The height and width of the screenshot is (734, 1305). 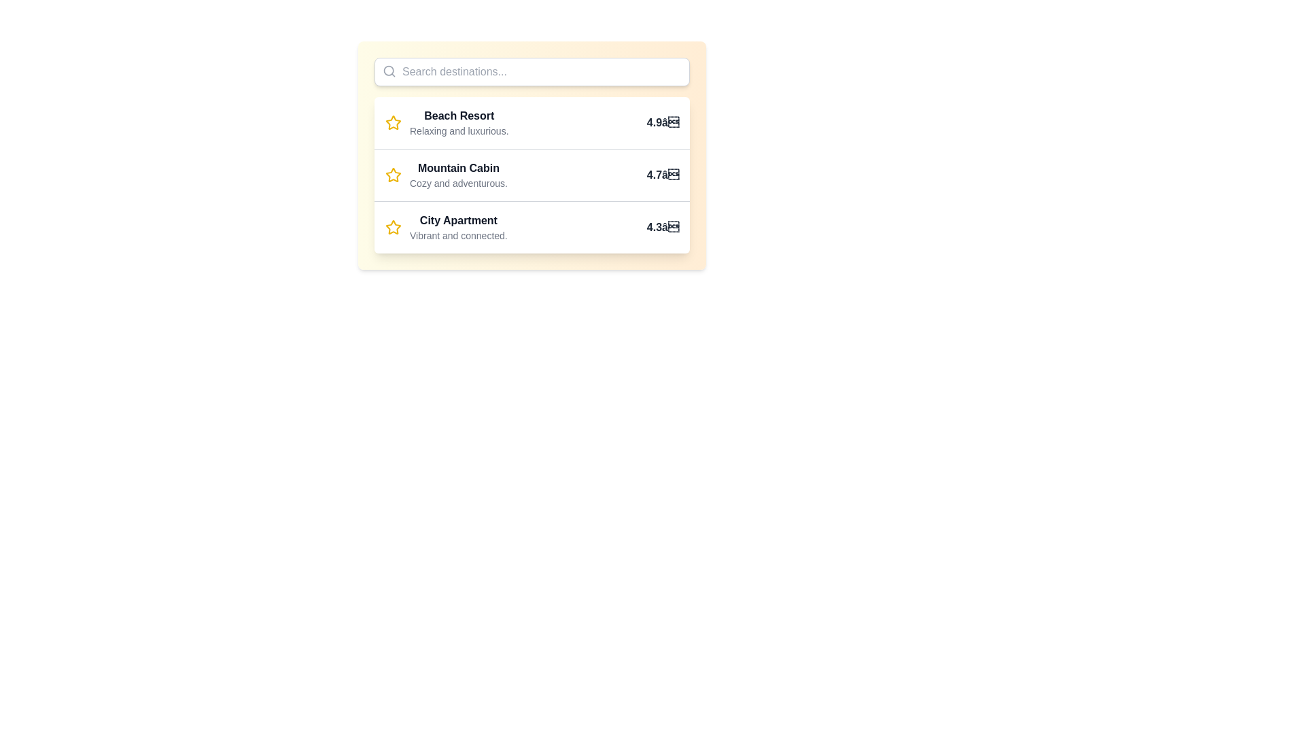 What do you see at coordinates (458, 227) in the screenshot?
I see `the text block containing 'City Apartment' and 'Vibrant and connected.'` at bounding box center [458, 227].